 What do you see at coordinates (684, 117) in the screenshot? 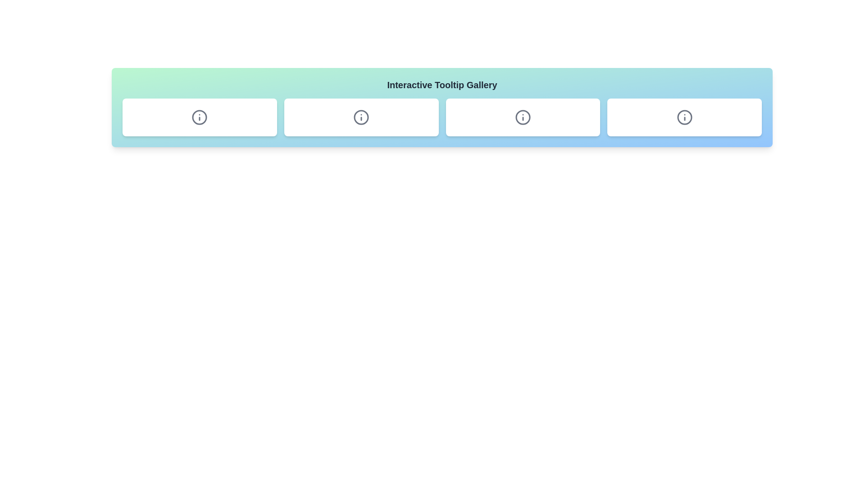
I see `the informational icon with a circular outline and a lowercase 'i' centered within it` at bounding box center [684, 117].